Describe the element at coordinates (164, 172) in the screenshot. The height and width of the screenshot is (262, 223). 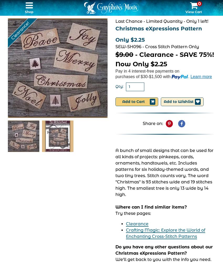
I see `'A bunch of small designs that can be used for all kinds of projects: pinkeeps, cards, ornaments, handtowels, etc. Includes patterns for six holiday-themed words, and two tiny trees. Stitch counts vary. The word "Christmas" is 93 stitches wide and 19 stitches high. The smallest tree is only 13 wide by 14 high.'` at that location.